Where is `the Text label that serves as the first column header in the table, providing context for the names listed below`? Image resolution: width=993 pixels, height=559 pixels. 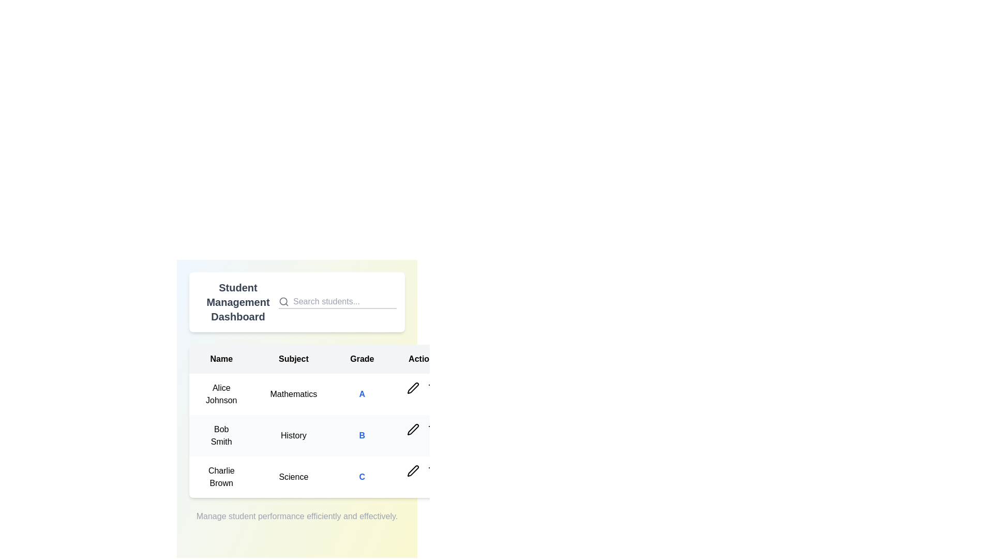
the Text label that serves as the first column header in the table, providing context for the names listed below is located at coordinates (221, 359).